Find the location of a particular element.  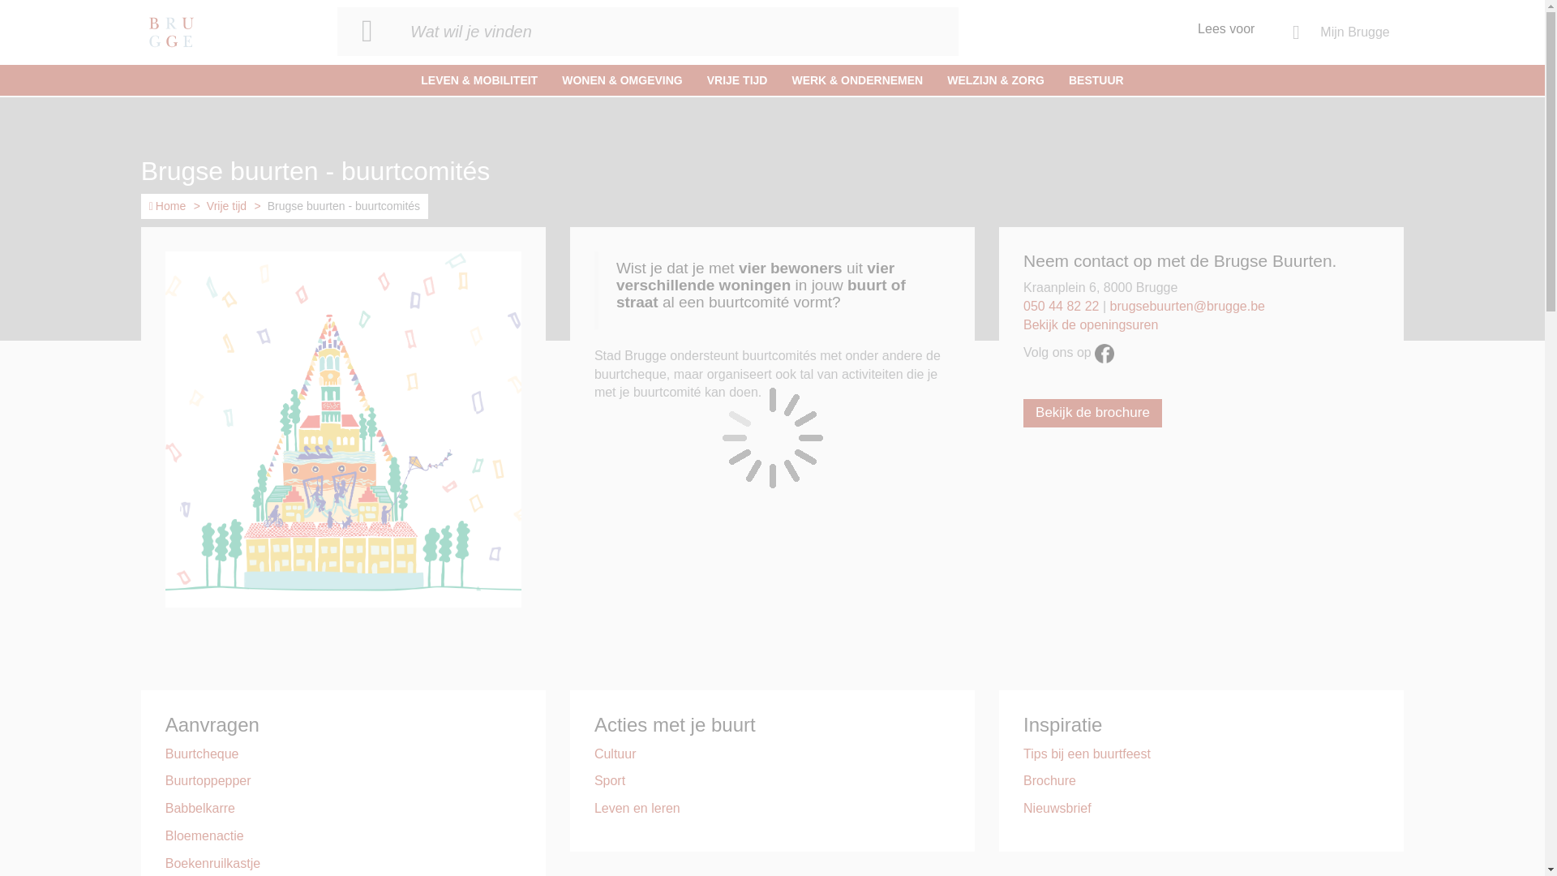

'WONEN & OMGEVING' is located at coordinates (621, 80).